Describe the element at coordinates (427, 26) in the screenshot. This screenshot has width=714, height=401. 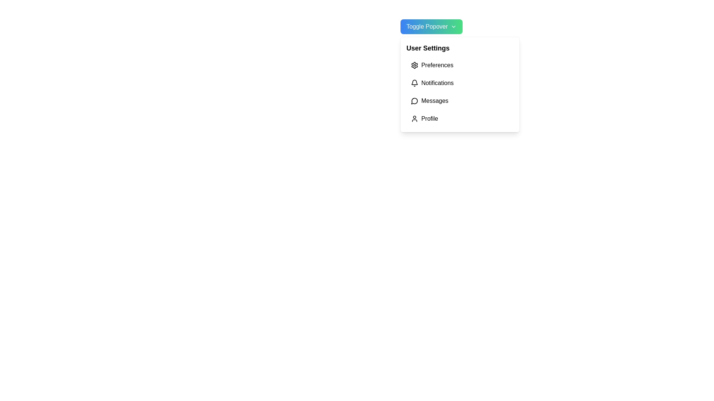
I see `text label indicating the functionality of the button styled with a blue-to-green gradient, located at the top-left corner of the button` at that location.